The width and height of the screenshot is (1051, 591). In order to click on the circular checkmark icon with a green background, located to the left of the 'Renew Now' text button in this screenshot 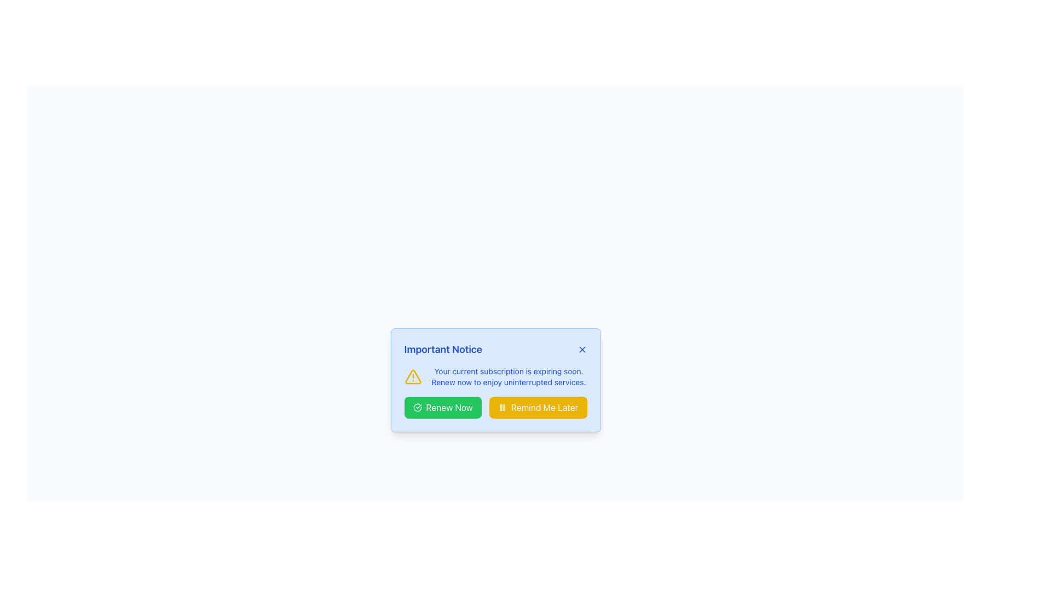, I will do `click(417, 407)`.